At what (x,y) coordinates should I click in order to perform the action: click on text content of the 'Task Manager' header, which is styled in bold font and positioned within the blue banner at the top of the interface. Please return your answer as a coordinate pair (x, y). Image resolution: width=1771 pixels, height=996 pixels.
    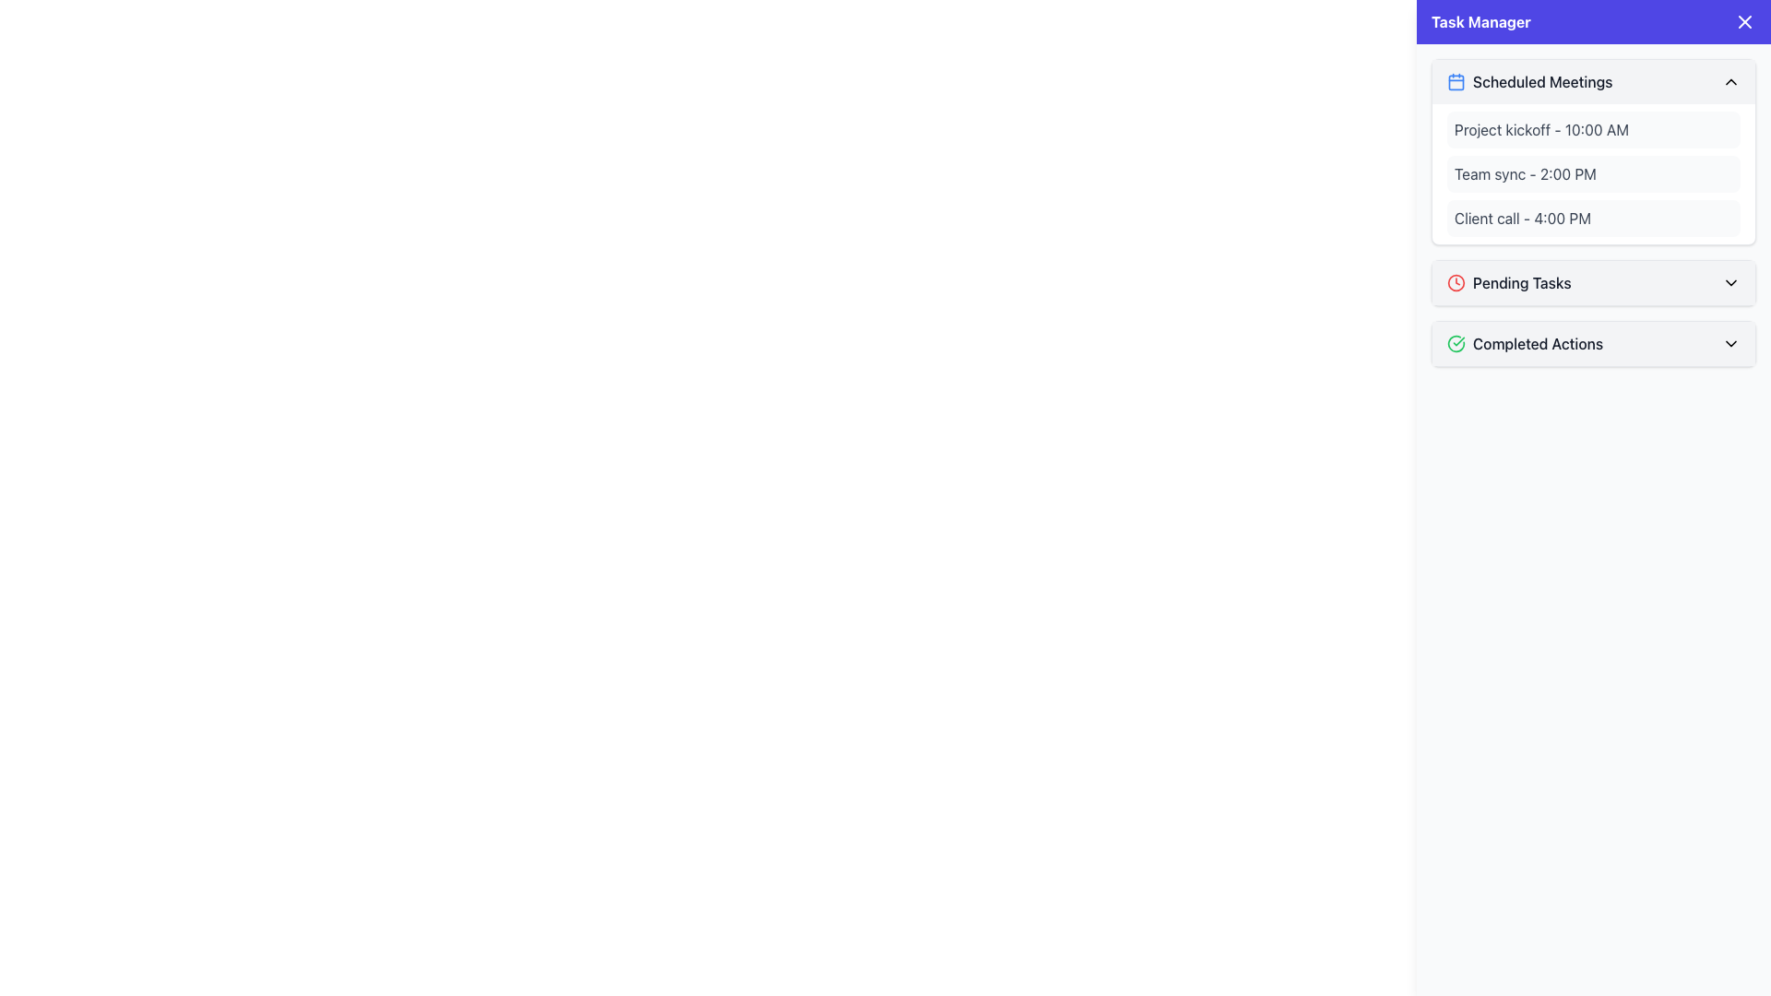
    Looking at the image, I should click on (1480, 21).